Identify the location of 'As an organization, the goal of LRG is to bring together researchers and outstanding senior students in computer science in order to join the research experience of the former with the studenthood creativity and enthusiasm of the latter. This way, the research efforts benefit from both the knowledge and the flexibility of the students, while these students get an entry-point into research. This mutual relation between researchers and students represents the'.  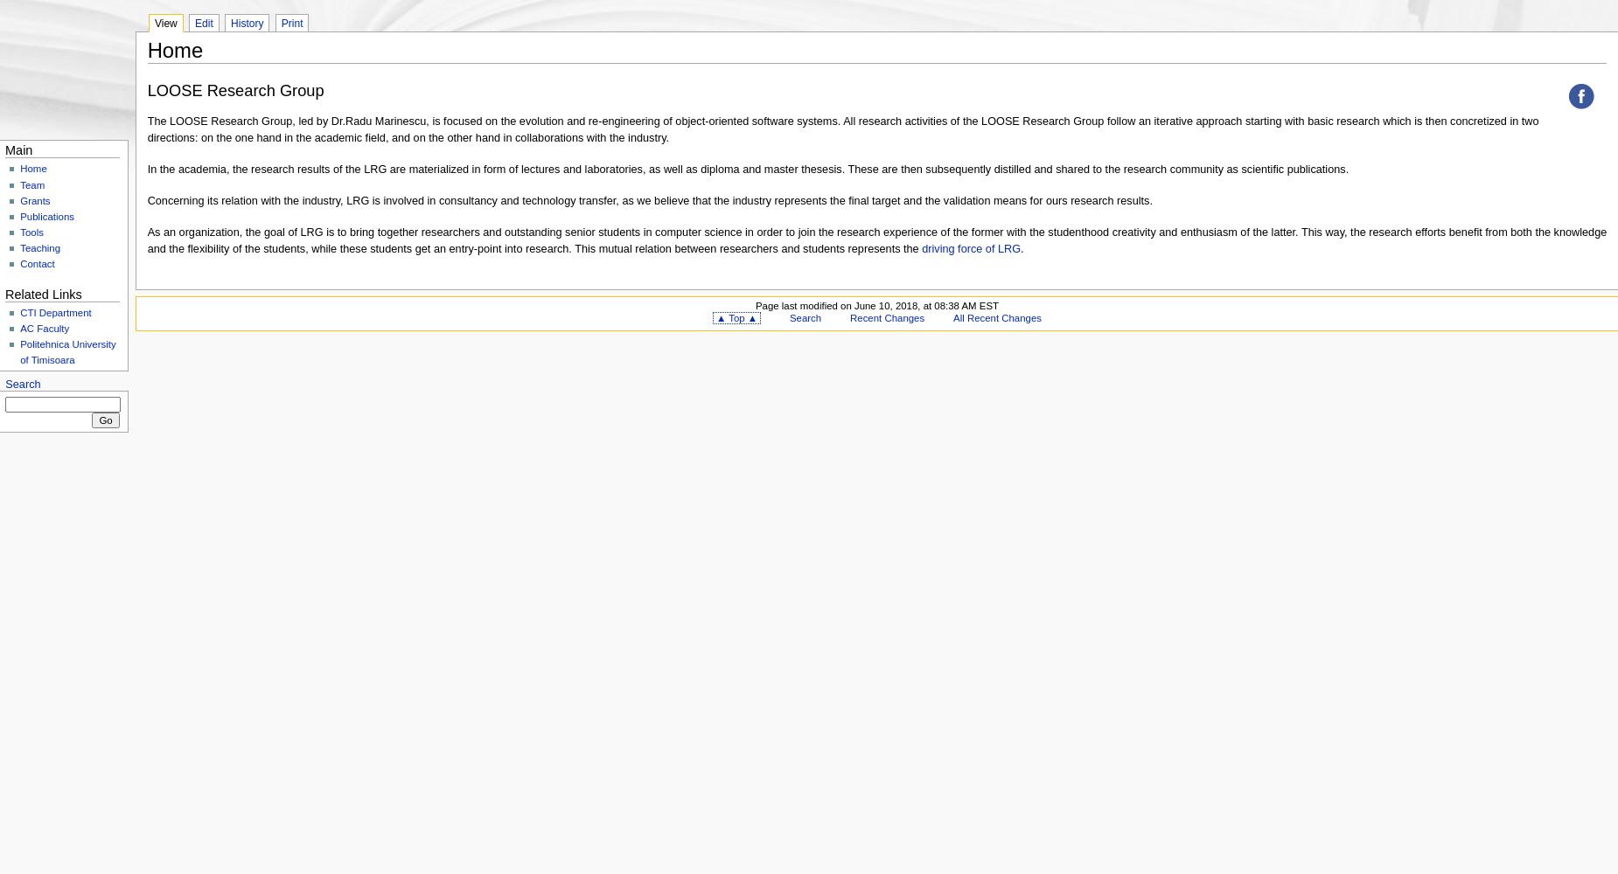
(875, 239).